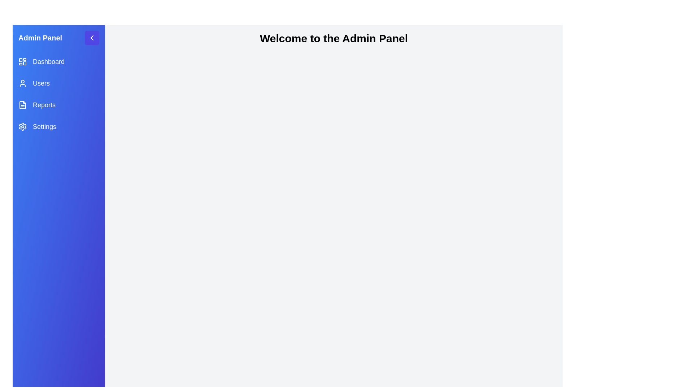 The width and height of the screenshot is (693, 390). Describe the element at coordinates (40, 38) in the screenshot. I see `the header text indicating 'Admin Panel' located at the top-left section of the interface, which is to the left of a purple button with a right-pointing arrow icon` at that location.